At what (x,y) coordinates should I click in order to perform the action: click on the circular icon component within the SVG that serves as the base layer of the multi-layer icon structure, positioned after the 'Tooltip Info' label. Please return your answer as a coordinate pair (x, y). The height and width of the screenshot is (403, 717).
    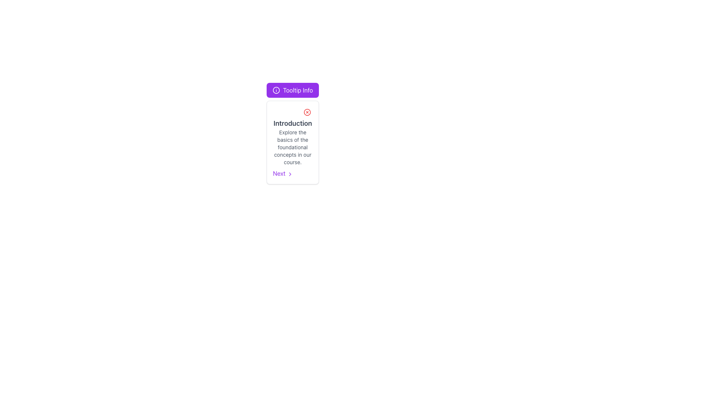
    Looking at the image, I should click on (276, 90).